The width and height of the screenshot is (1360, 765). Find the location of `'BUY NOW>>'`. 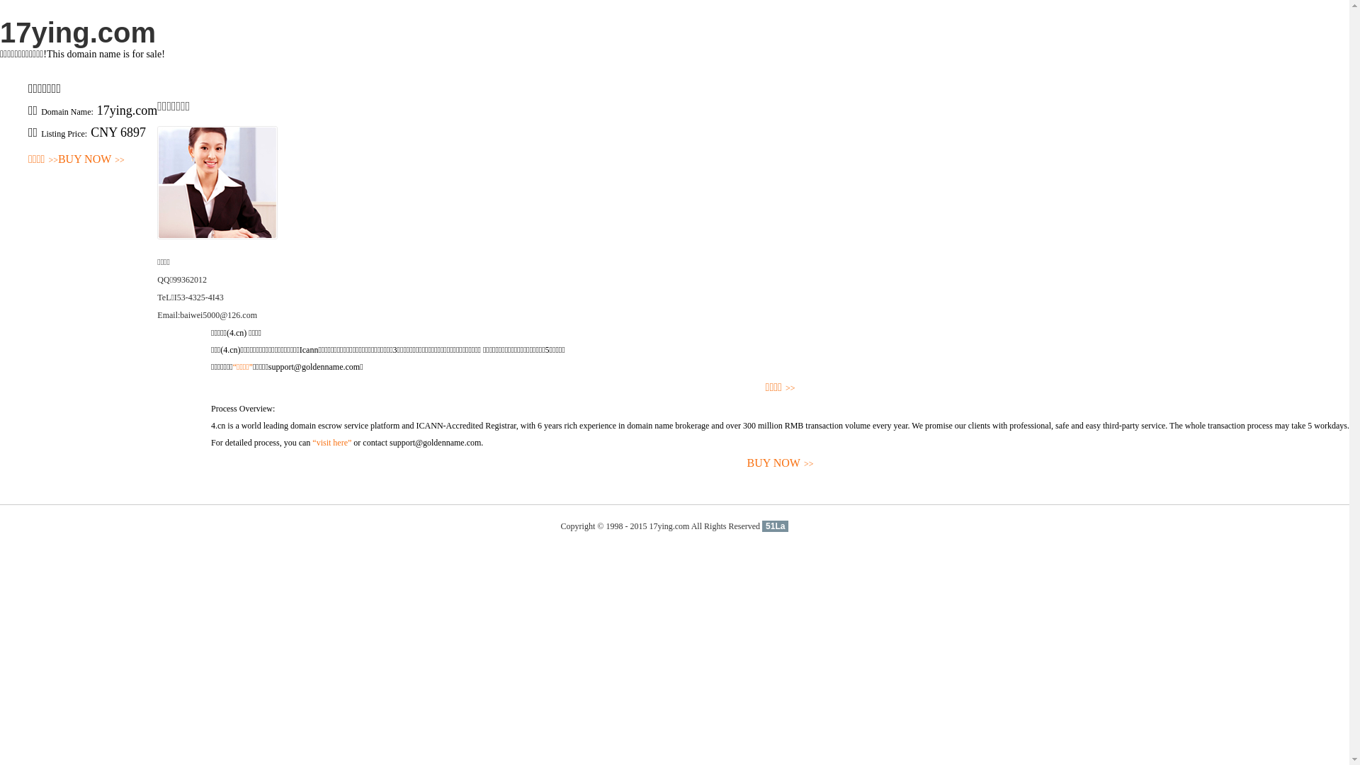

'BUY NOW>>' is located at coordinates (91, 159).